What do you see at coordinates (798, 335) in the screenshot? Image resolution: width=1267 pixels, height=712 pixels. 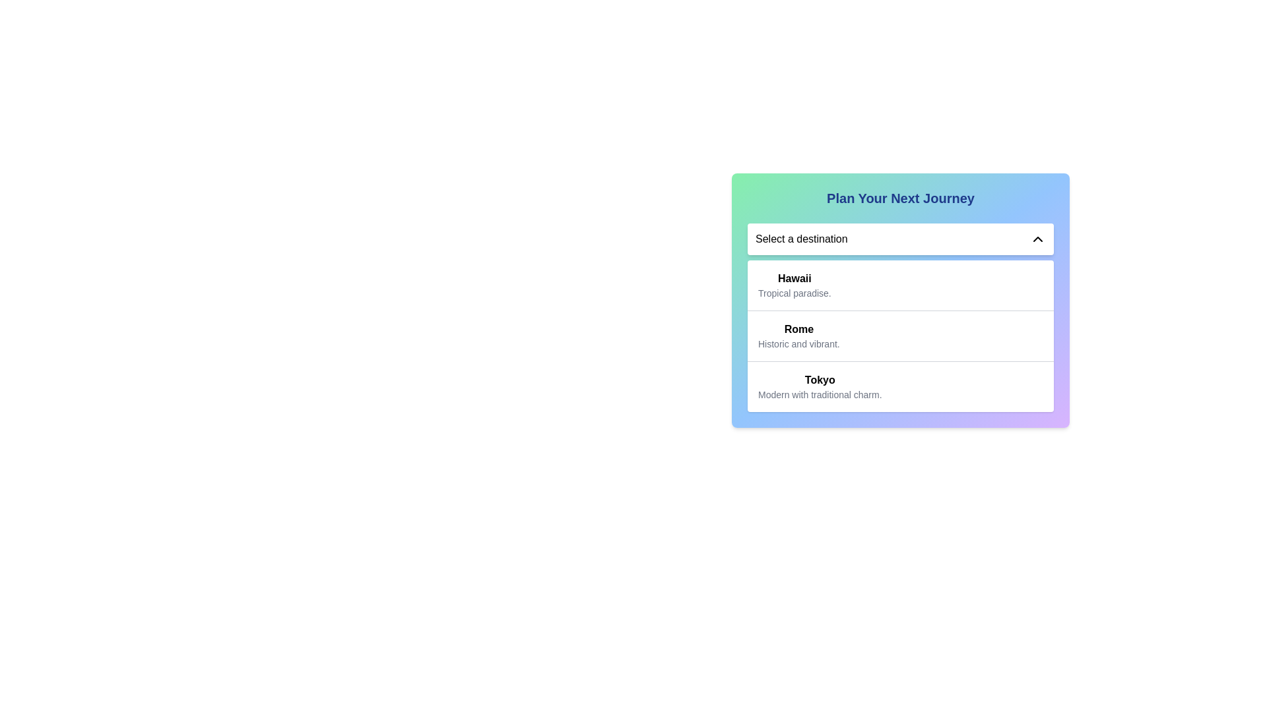 I see `the textual display element that shows 'Rome' in bold and 'Historic and vibrant.' in a smaller font, which is the second item in a vertical list of destinations` at bounding box center [798, 335].